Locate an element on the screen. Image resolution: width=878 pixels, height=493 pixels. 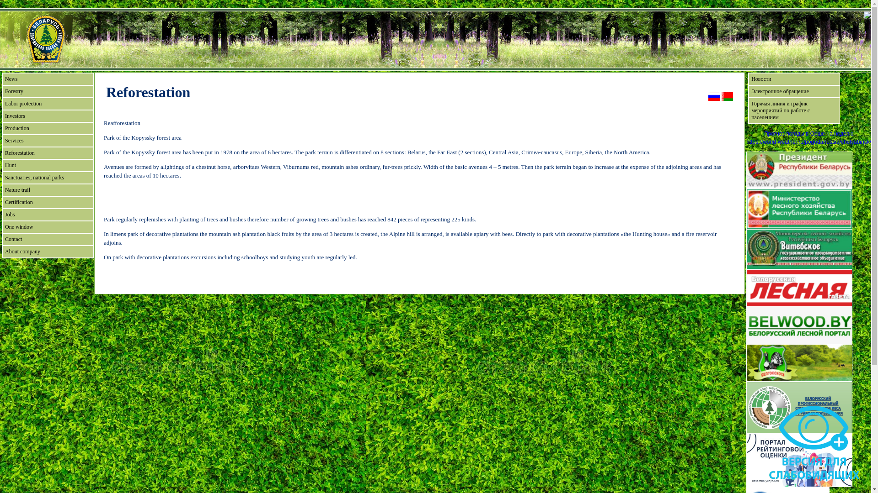
'Reforestation' is located at coordinates (48, 152).